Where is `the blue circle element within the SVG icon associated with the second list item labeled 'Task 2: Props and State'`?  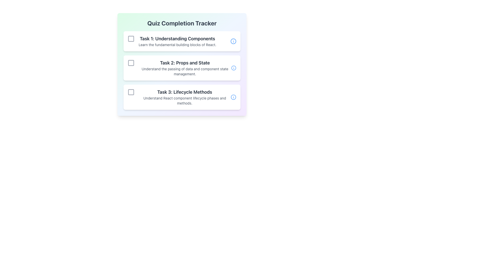
the blue circle element within the SVG icon associated with the second list item labeled 'Task 2: Props and State' is located at coordinates (233, 68).